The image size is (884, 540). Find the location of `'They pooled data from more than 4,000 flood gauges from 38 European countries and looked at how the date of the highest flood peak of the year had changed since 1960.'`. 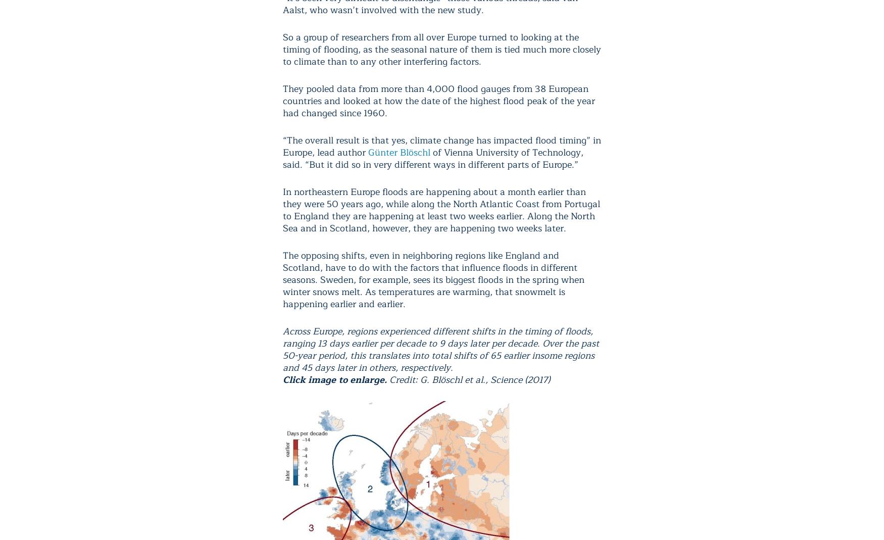

'They pooled data from more than 4,000 flood gauges from 38 European countries and looked at how the date of the highest flood peak of the year had changed since 1960.' is located at coordinates (439, 101).